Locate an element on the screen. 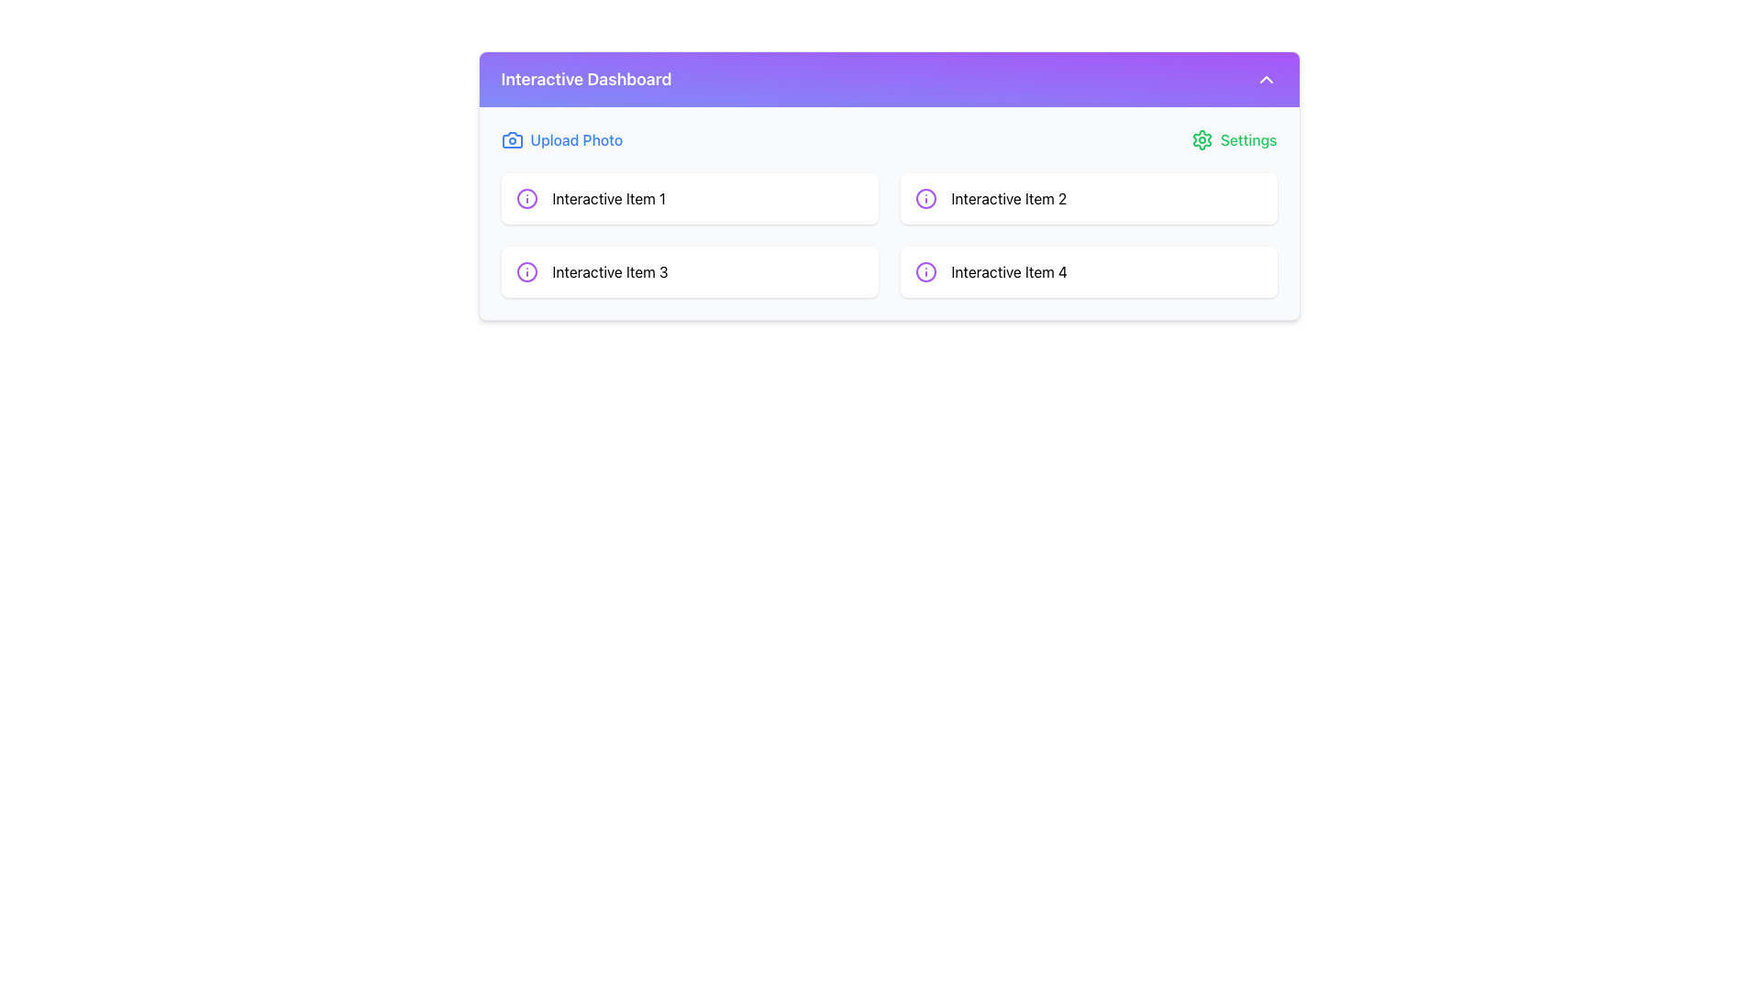 This screenshot has height=990, width=1761. the circular icon with a purple outline and a purple dot inside, located within the 'Interactive Item 2' card, to the left of the title text is located at coordinates (925, 198).